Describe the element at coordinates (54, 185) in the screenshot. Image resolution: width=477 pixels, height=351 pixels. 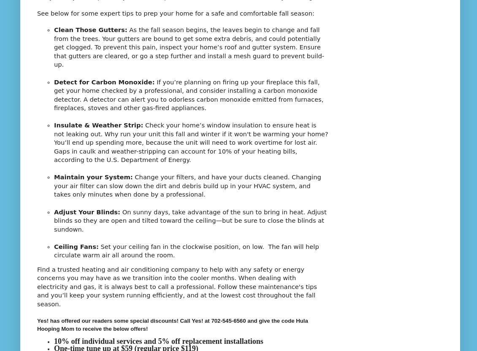
I see `'Change
     your filters, and have your ducts cleaned. Changing your air filter can
     slow down the dirt and debris build up in your HVAC system, and takes only
     minutes when done by a professional.'` at that location.